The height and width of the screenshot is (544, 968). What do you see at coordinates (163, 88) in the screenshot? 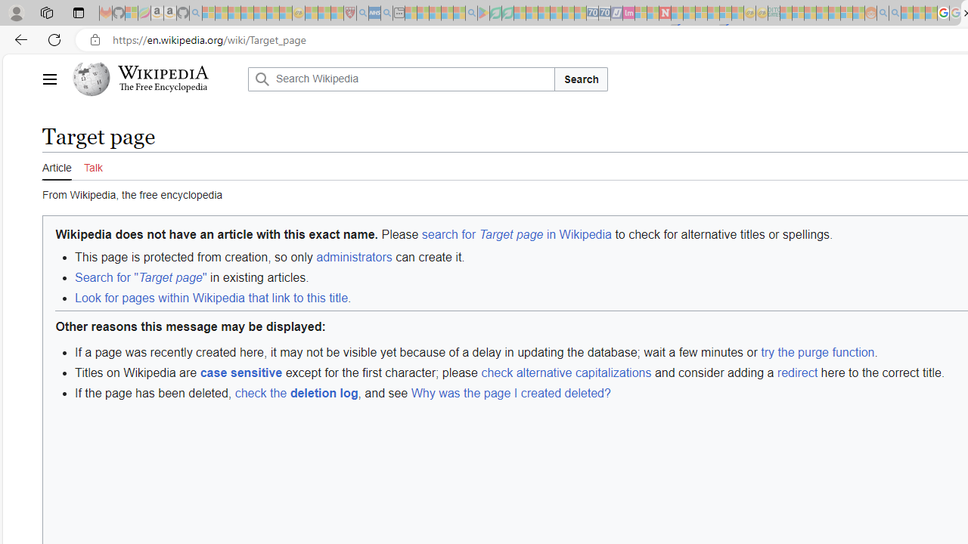
I see `'The Free Encyclopedia'` at bounding box center [163, 88].